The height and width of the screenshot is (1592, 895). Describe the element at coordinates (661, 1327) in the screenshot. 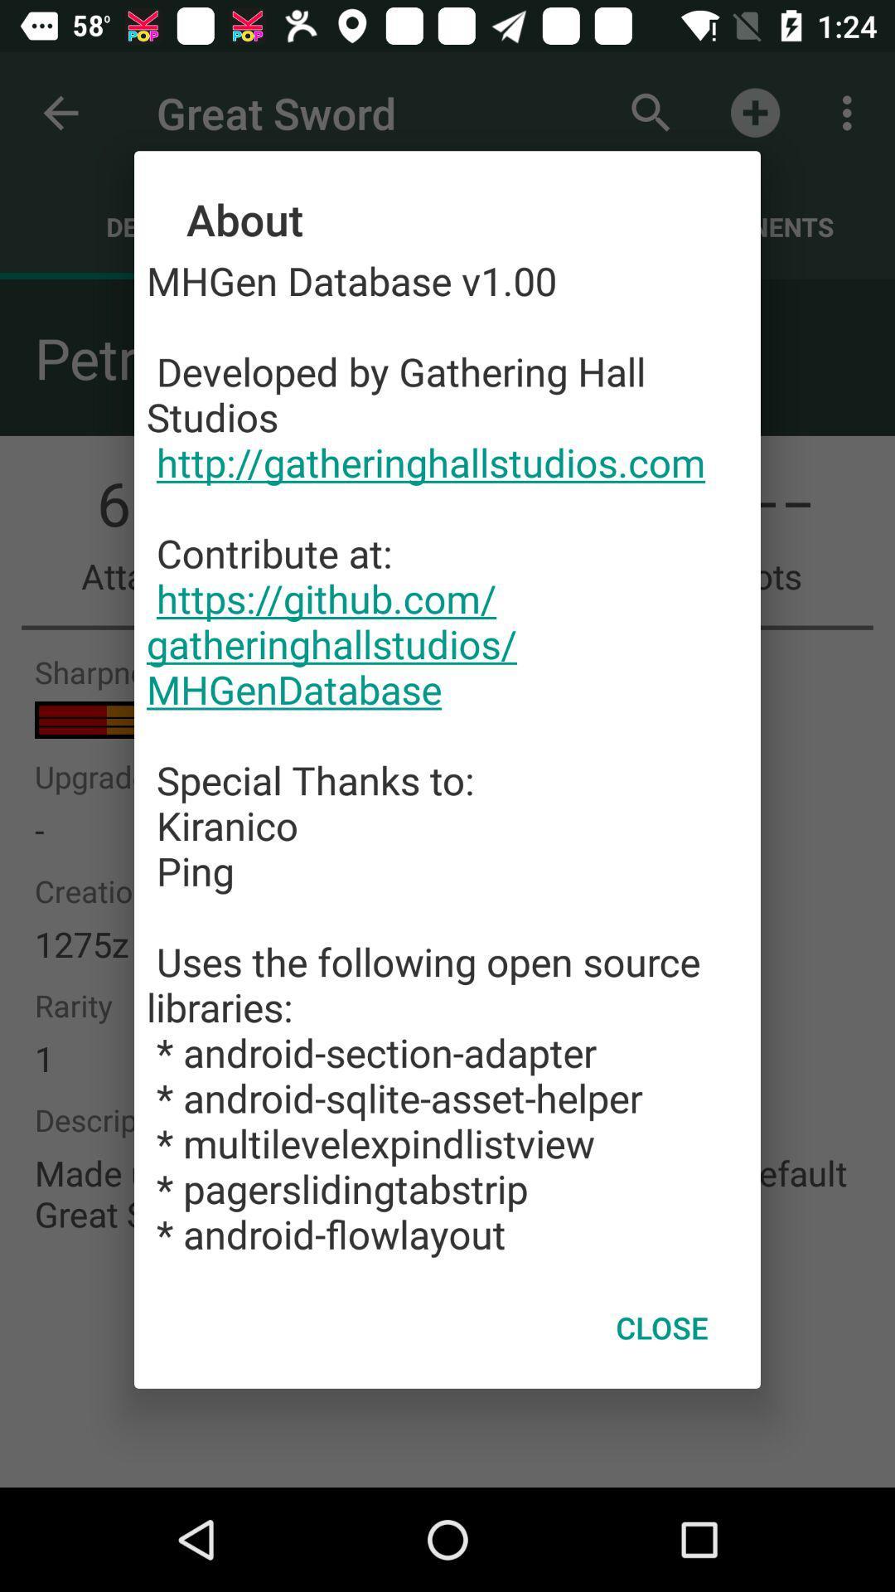

I see `icon below the mhgen database v1 app` at that location.